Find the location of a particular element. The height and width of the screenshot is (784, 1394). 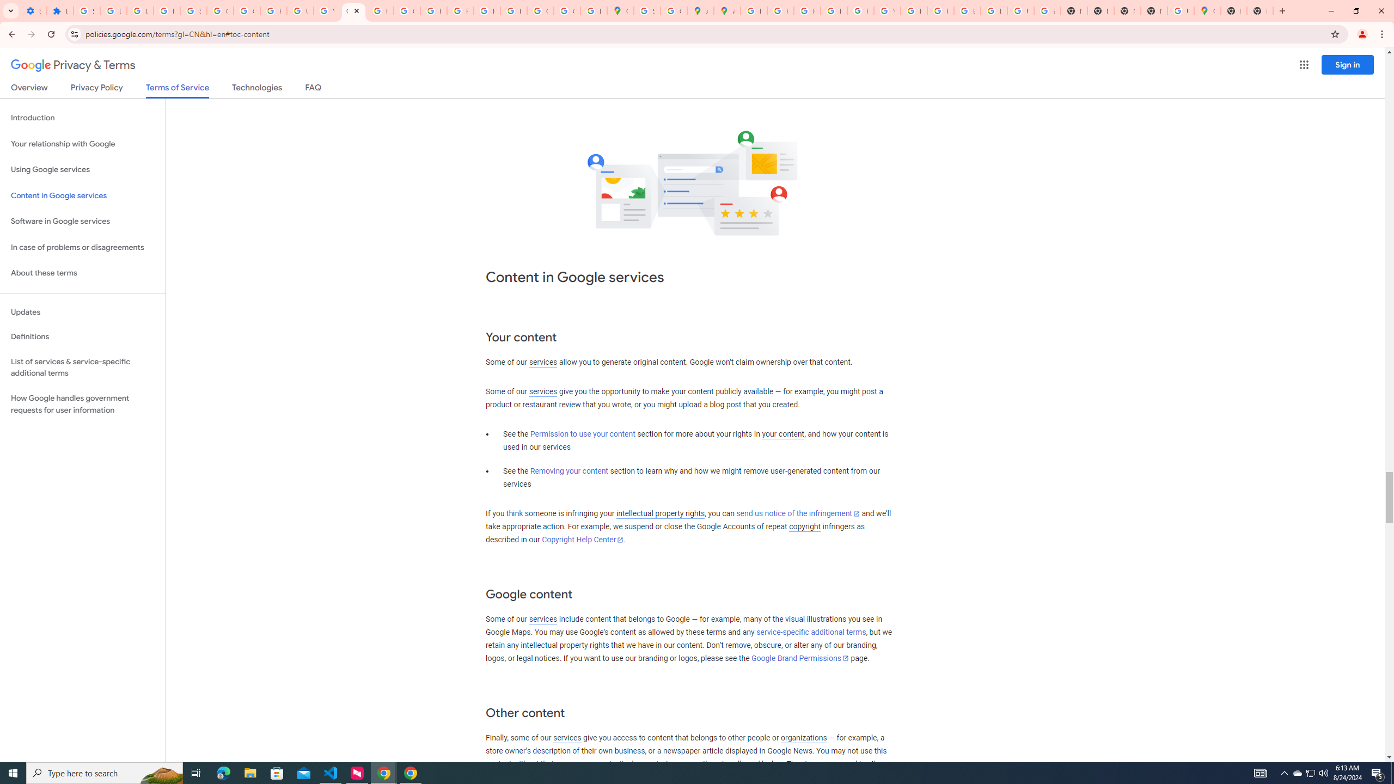

'YouTube' is located at coordinates (886, 10).